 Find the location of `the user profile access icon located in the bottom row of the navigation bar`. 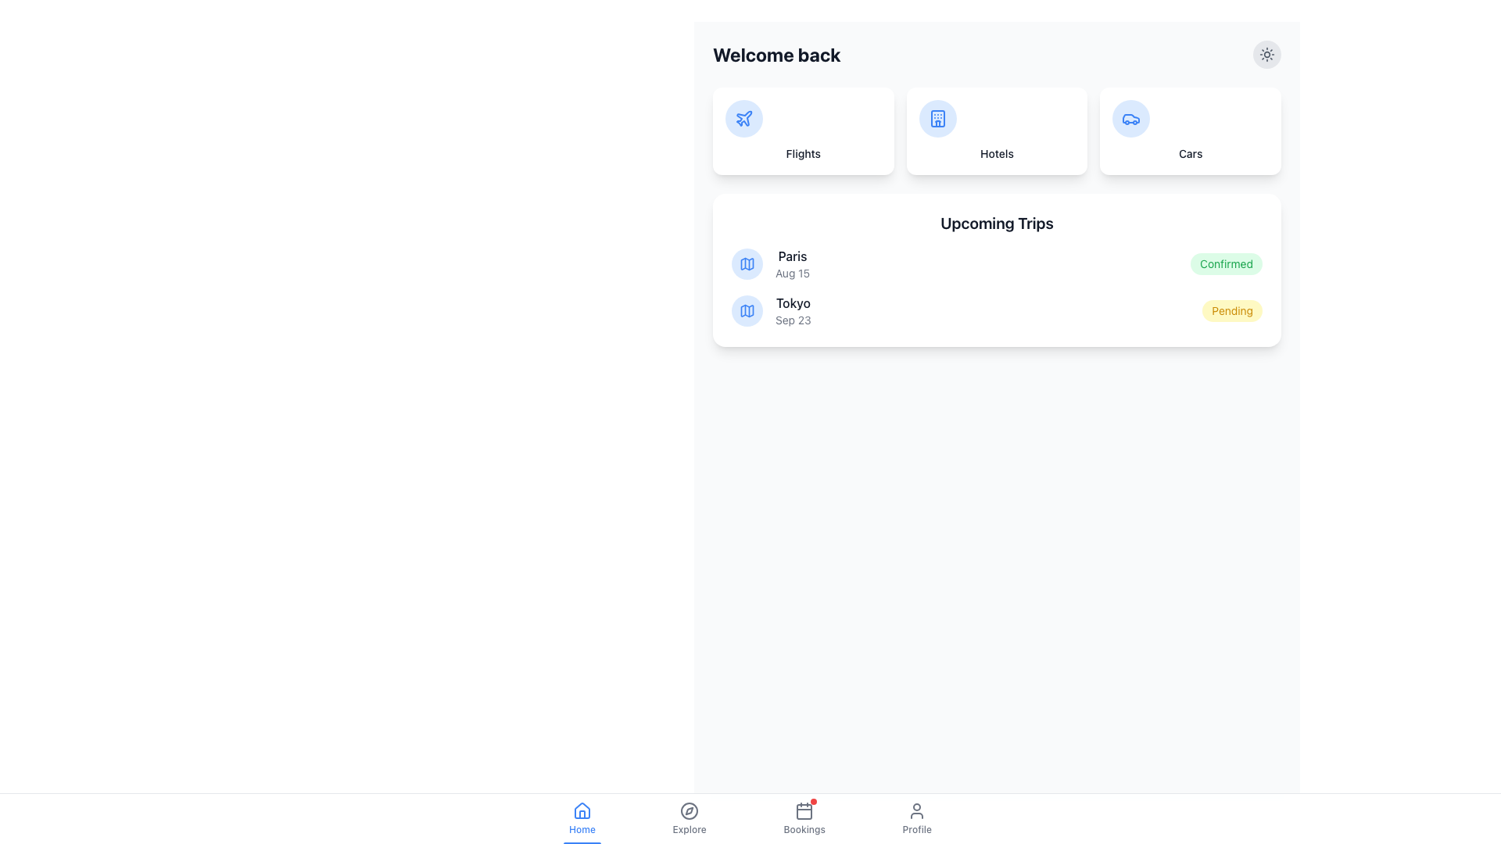

the user profile access icon located in the bottom row of the navigation bar is located at coordinates (917, 810).